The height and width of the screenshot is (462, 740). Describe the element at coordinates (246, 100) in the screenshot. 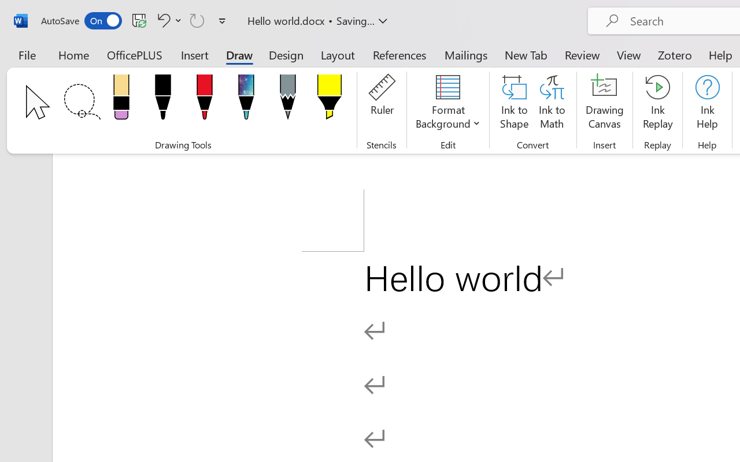

I see `'Pen: Galaxy, 1 mm'` at that location.